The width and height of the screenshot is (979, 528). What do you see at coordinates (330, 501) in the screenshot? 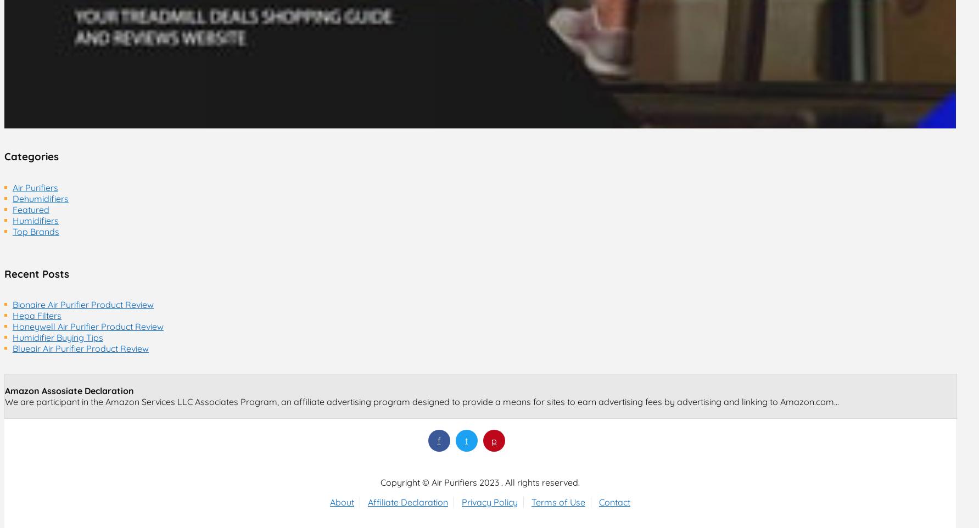
I see `'About'` at bounding box center [330, 501].